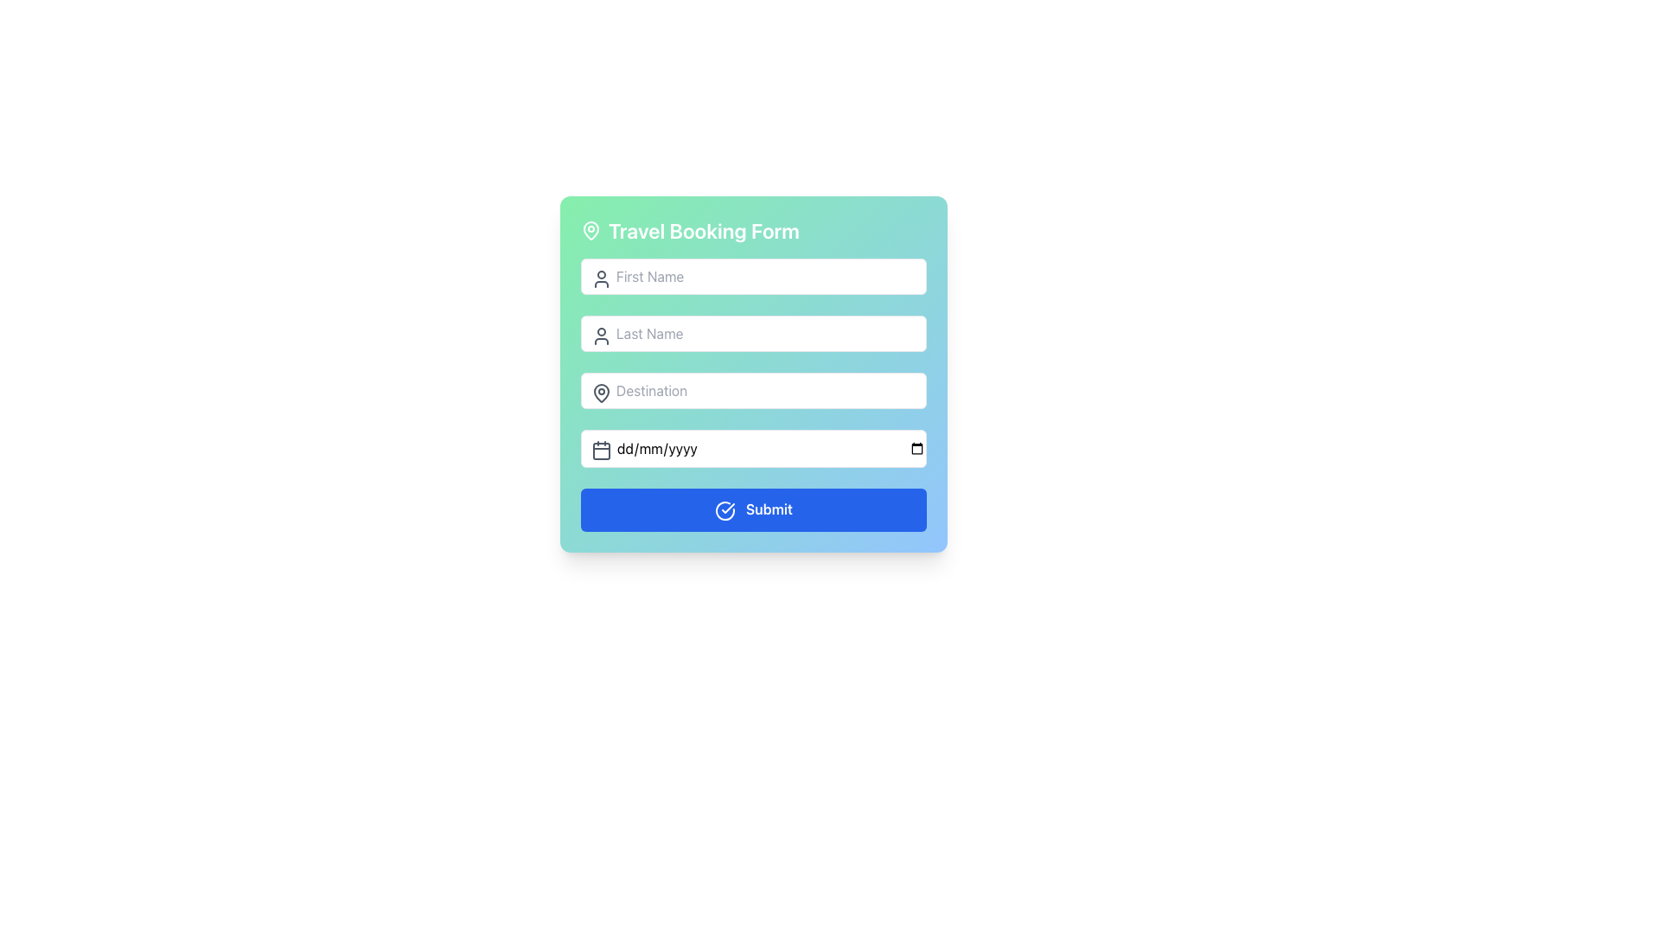  Describe the element at coordinates (602, 278) in the screenshot. I see `the decorative icon for the 'First Name' input field, which is located on the left side of the input field within the form layout` at that location.